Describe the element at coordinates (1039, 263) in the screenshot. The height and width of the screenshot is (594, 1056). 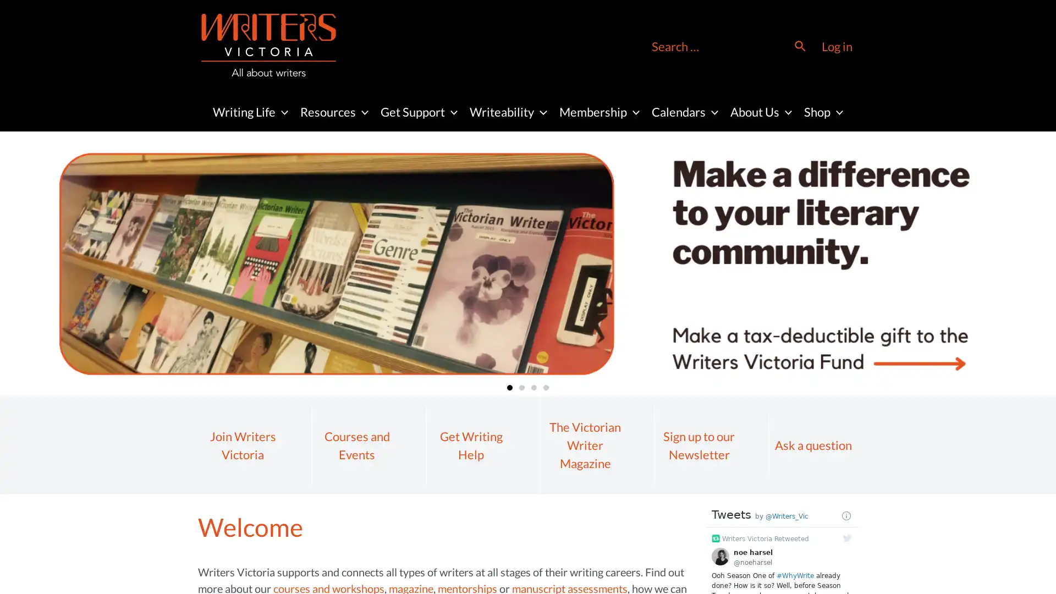
I see `Next slide` at that location.